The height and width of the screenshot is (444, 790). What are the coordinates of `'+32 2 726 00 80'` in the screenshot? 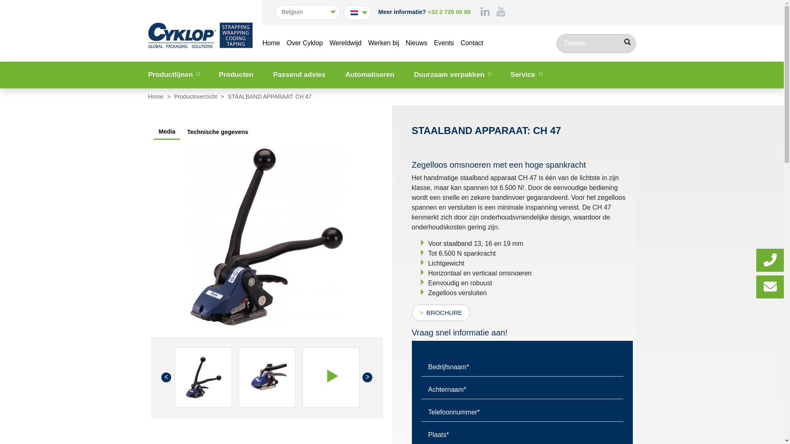 It's located at (448, 12).